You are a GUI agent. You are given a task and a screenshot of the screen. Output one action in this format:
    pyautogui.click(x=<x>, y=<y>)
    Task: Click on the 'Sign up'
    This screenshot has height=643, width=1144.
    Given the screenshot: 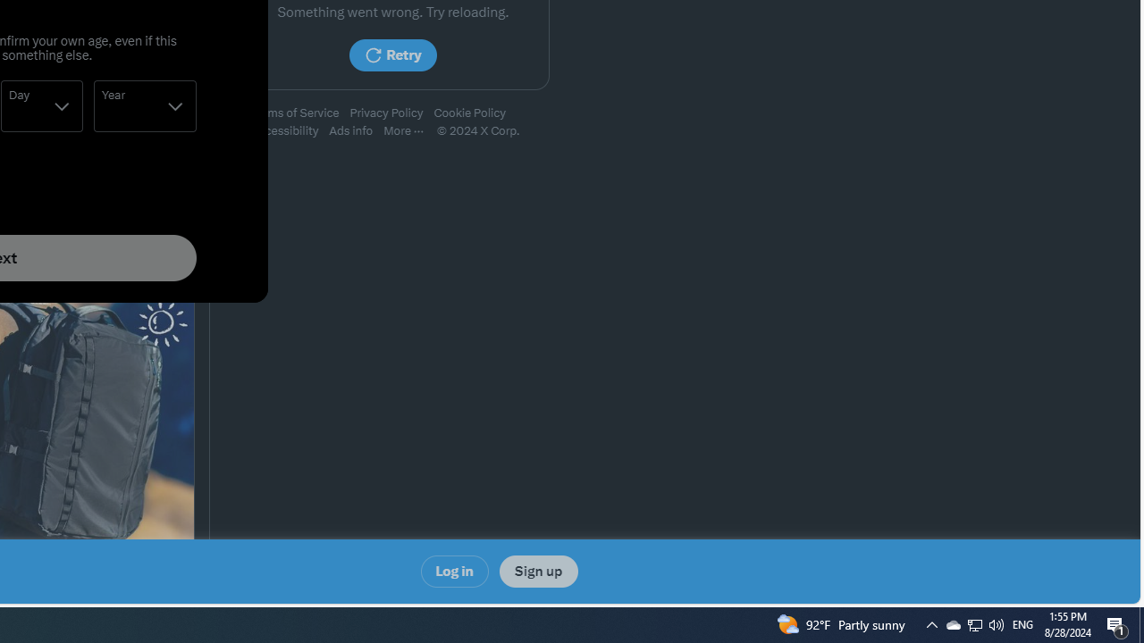 What is the action you would take?
    pyautogui.click(x=537, y=572)
    